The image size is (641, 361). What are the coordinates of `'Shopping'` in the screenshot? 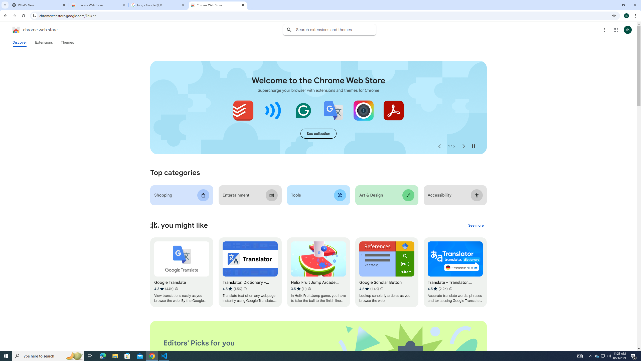 It's located at (182, 195).